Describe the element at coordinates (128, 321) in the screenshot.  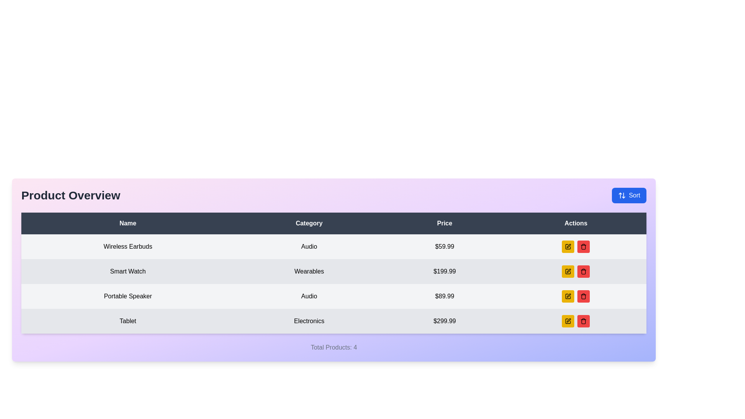
I see `the text label displaying 'Tablet', which is located in the leftmost portion of the last row in a table under the header 'Name'` at that location.